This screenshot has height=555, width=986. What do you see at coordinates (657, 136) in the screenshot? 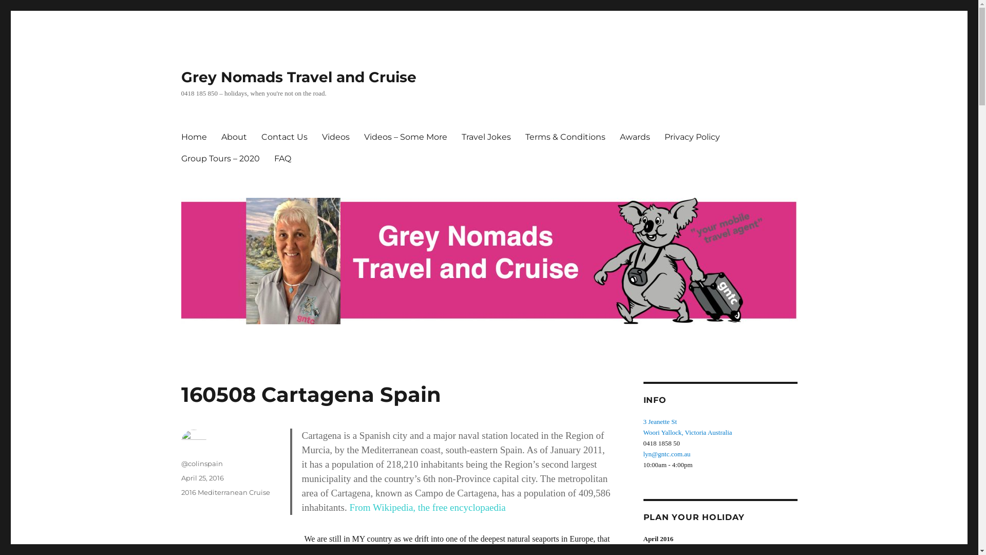
I see `'Privacy Policy'` at bounding box center [657, 136].